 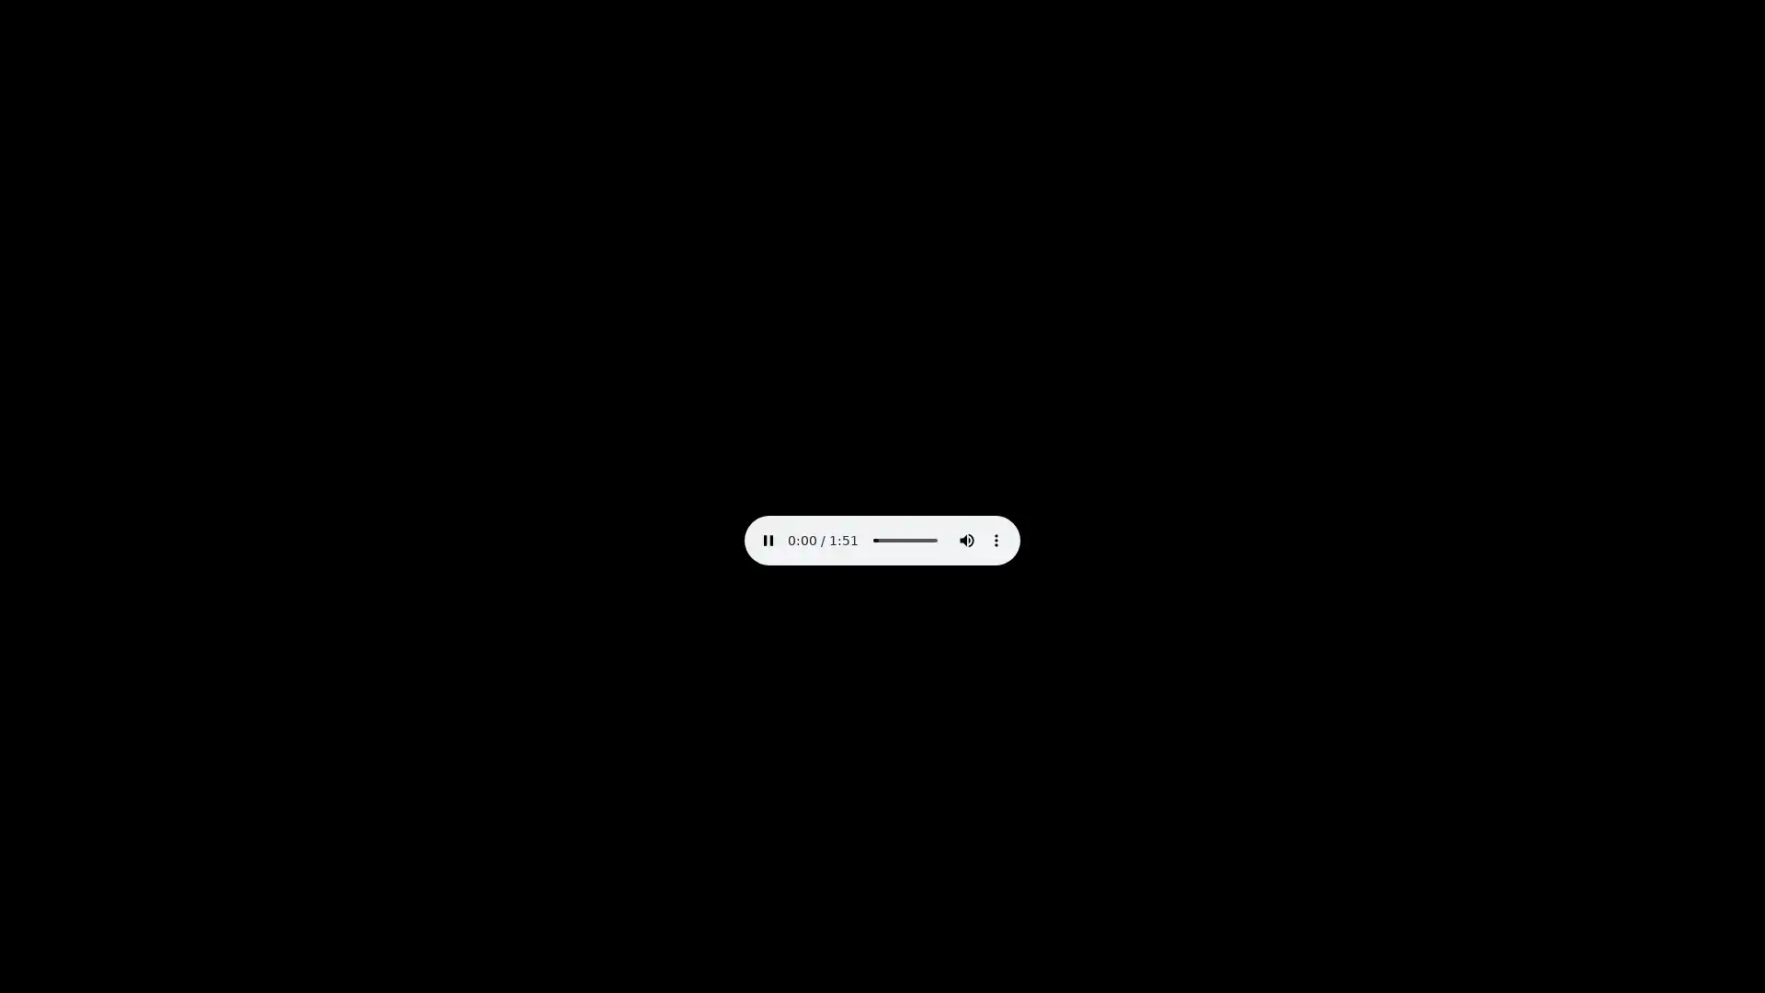 What do you see at coordinates (965, 539) in the screenshot?
I see `mute` at bounding box center [965, 539].